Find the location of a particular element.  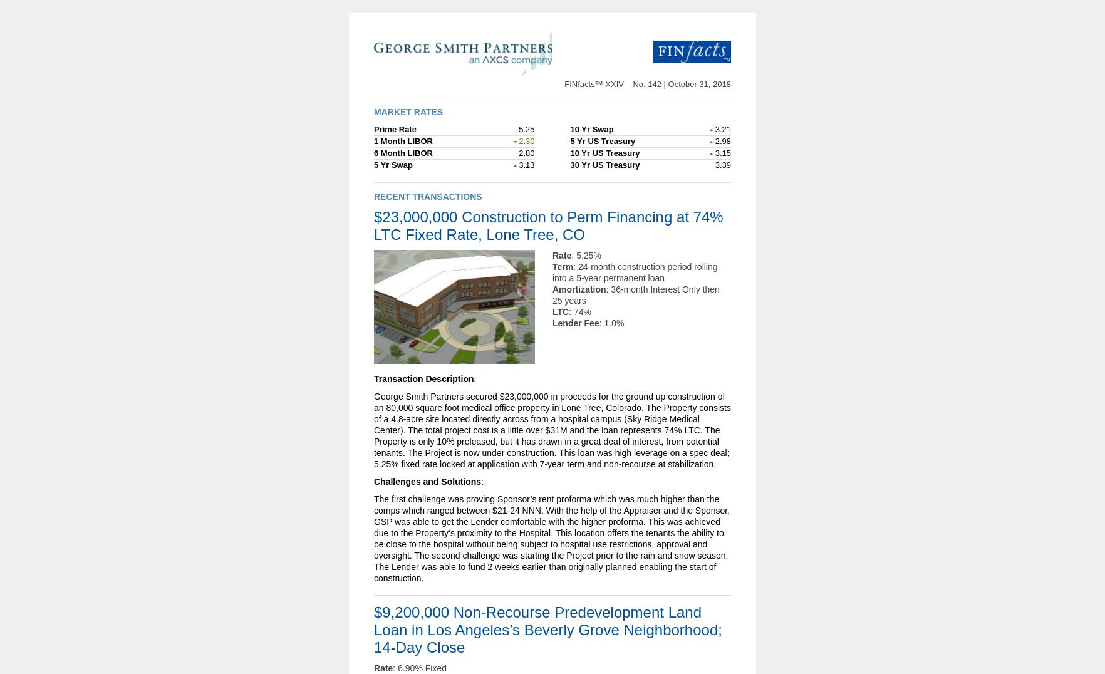

'3.39' is located at coordinates (712, 164).